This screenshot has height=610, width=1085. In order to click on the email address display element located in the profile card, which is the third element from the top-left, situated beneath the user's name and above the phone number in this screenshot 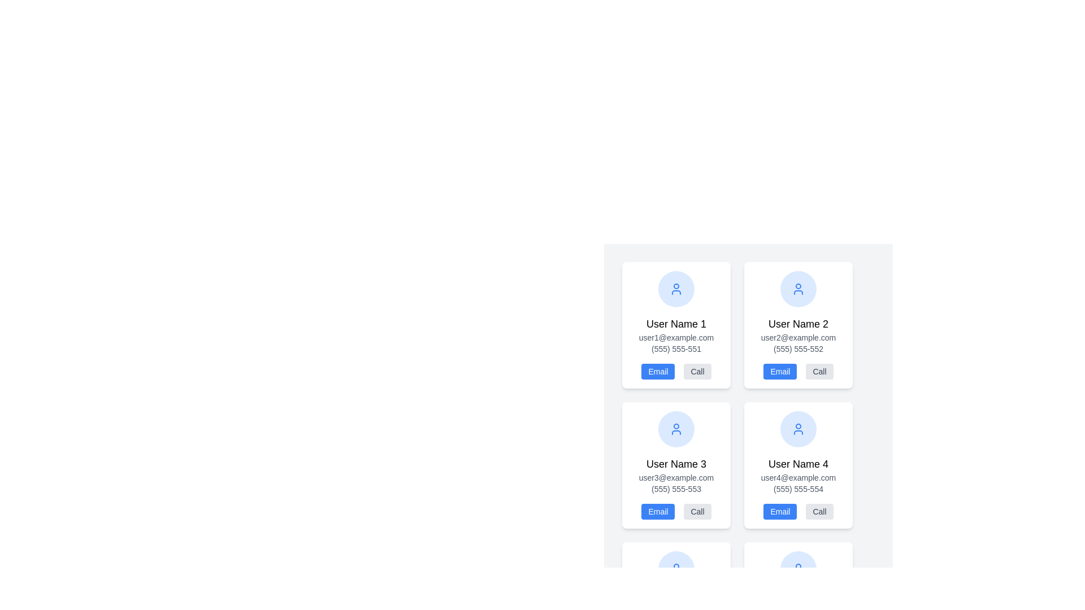, I will do `click(676, 477)`.